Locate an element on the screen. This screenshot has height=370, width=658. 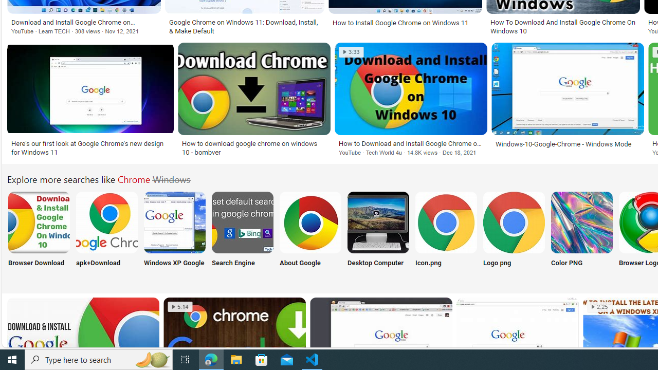
'About Google' is located at coordinates (310, 235).